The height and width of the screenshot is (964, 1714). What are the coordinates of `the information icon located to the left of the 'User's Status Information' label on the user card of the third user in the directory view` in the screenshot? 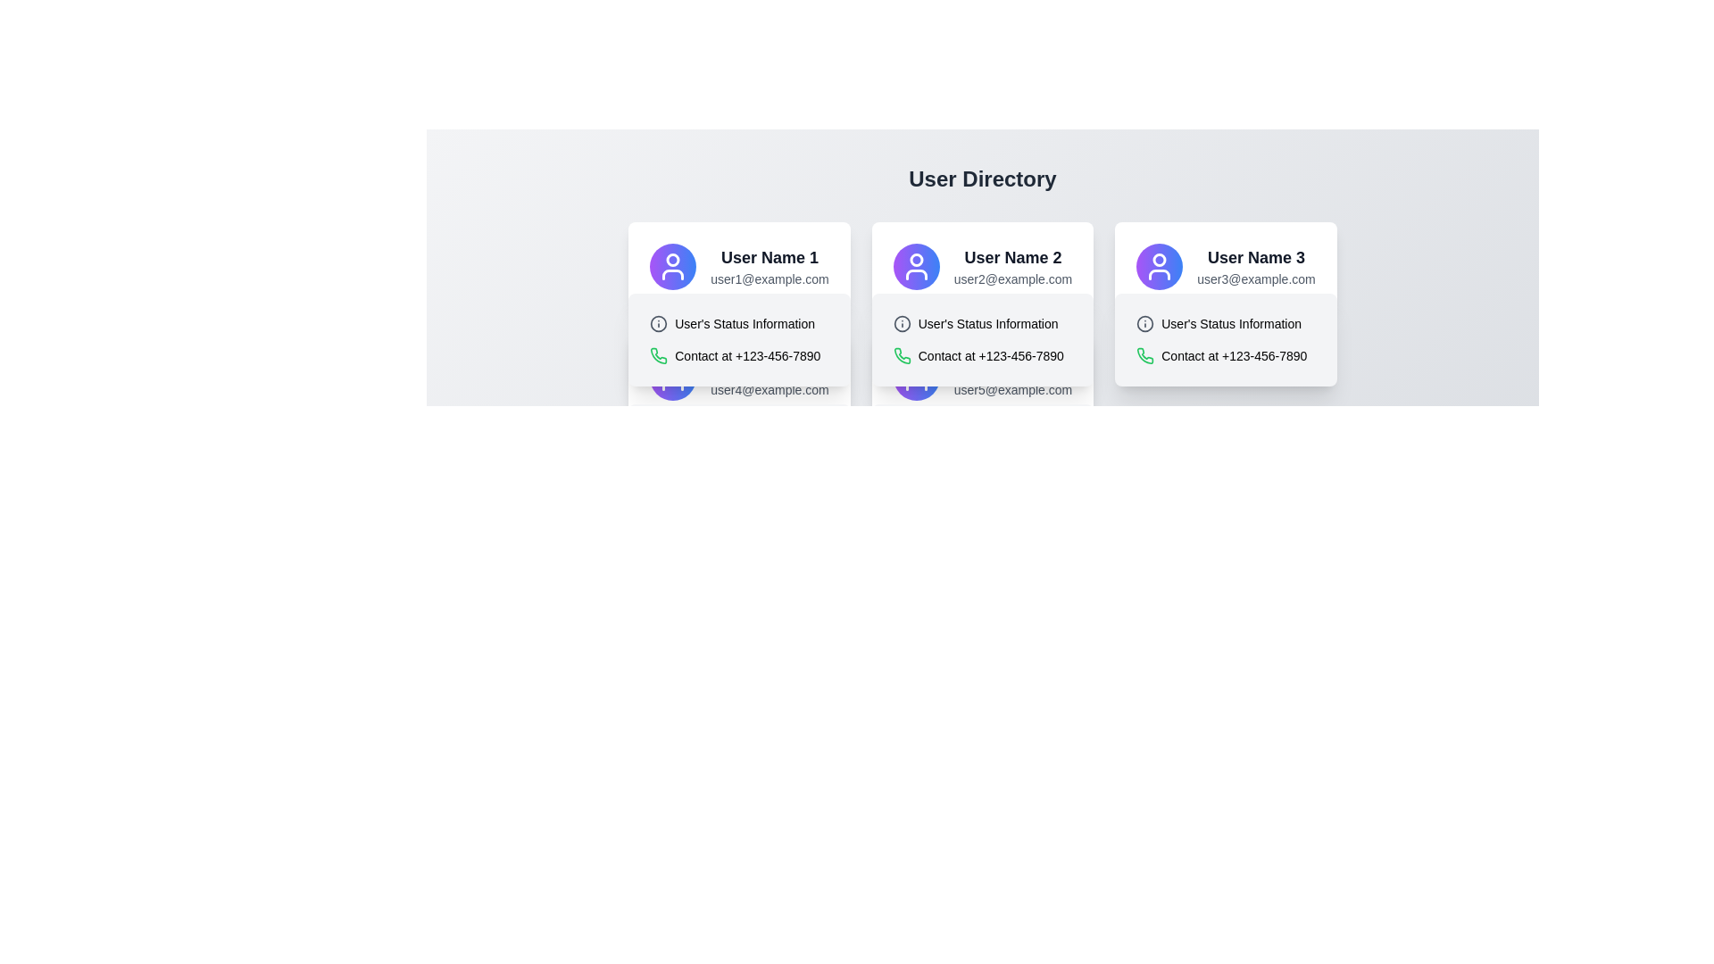 It's located at (1145, 323).